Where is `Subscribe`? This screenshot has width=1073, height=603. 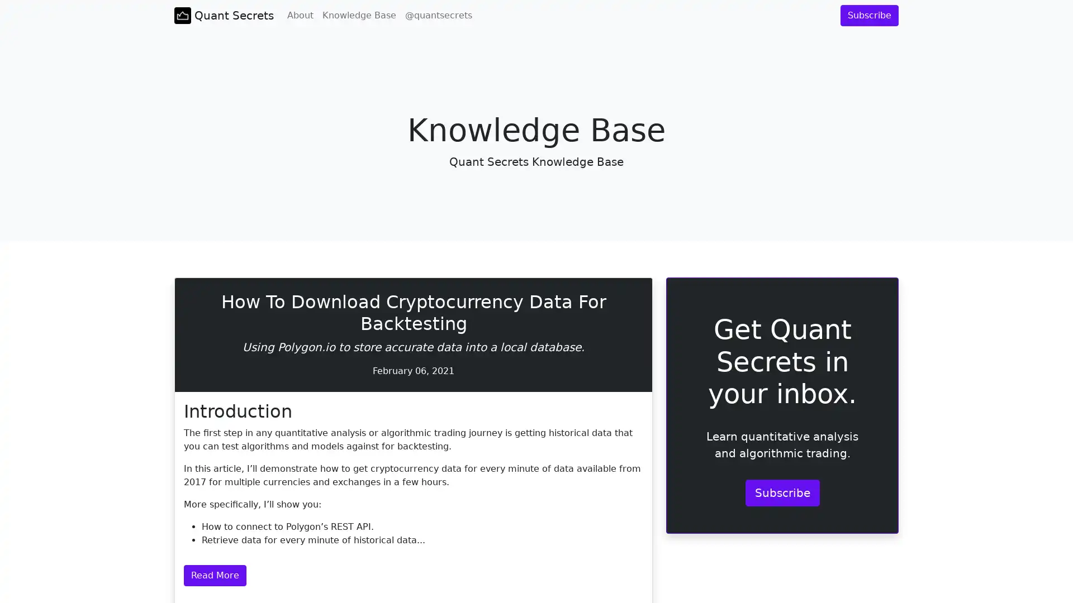 Subscribe is located at coordinates (868, 15).